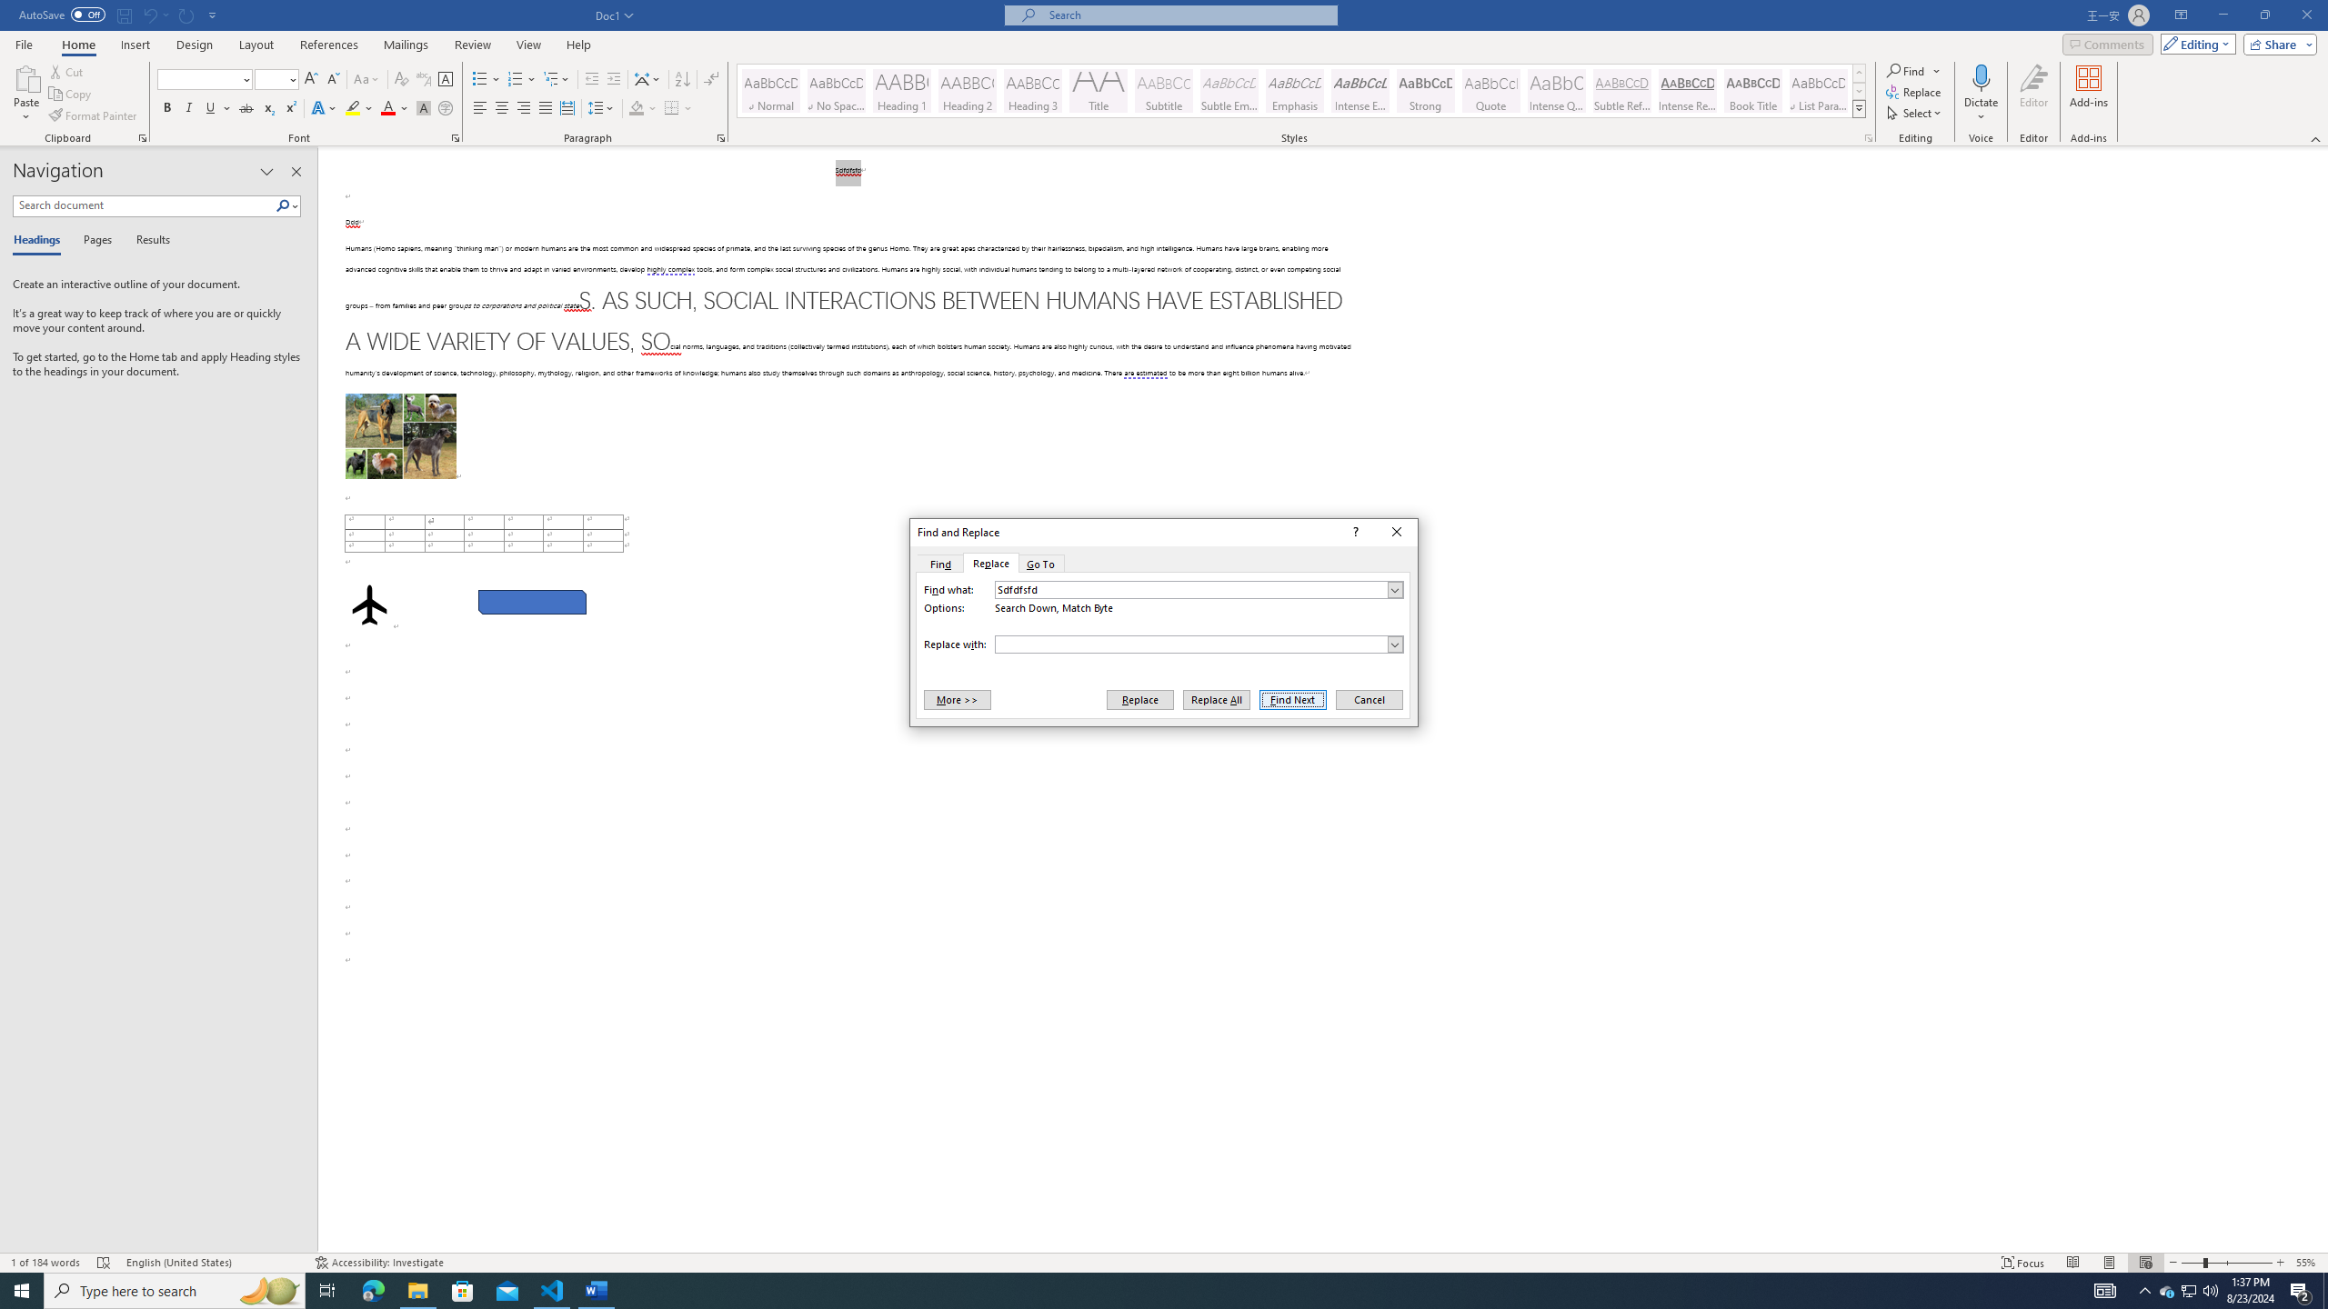 The height and width of the screenshot is (1309, 2328). I want to click on 'Find what:', so click(1198, 589).